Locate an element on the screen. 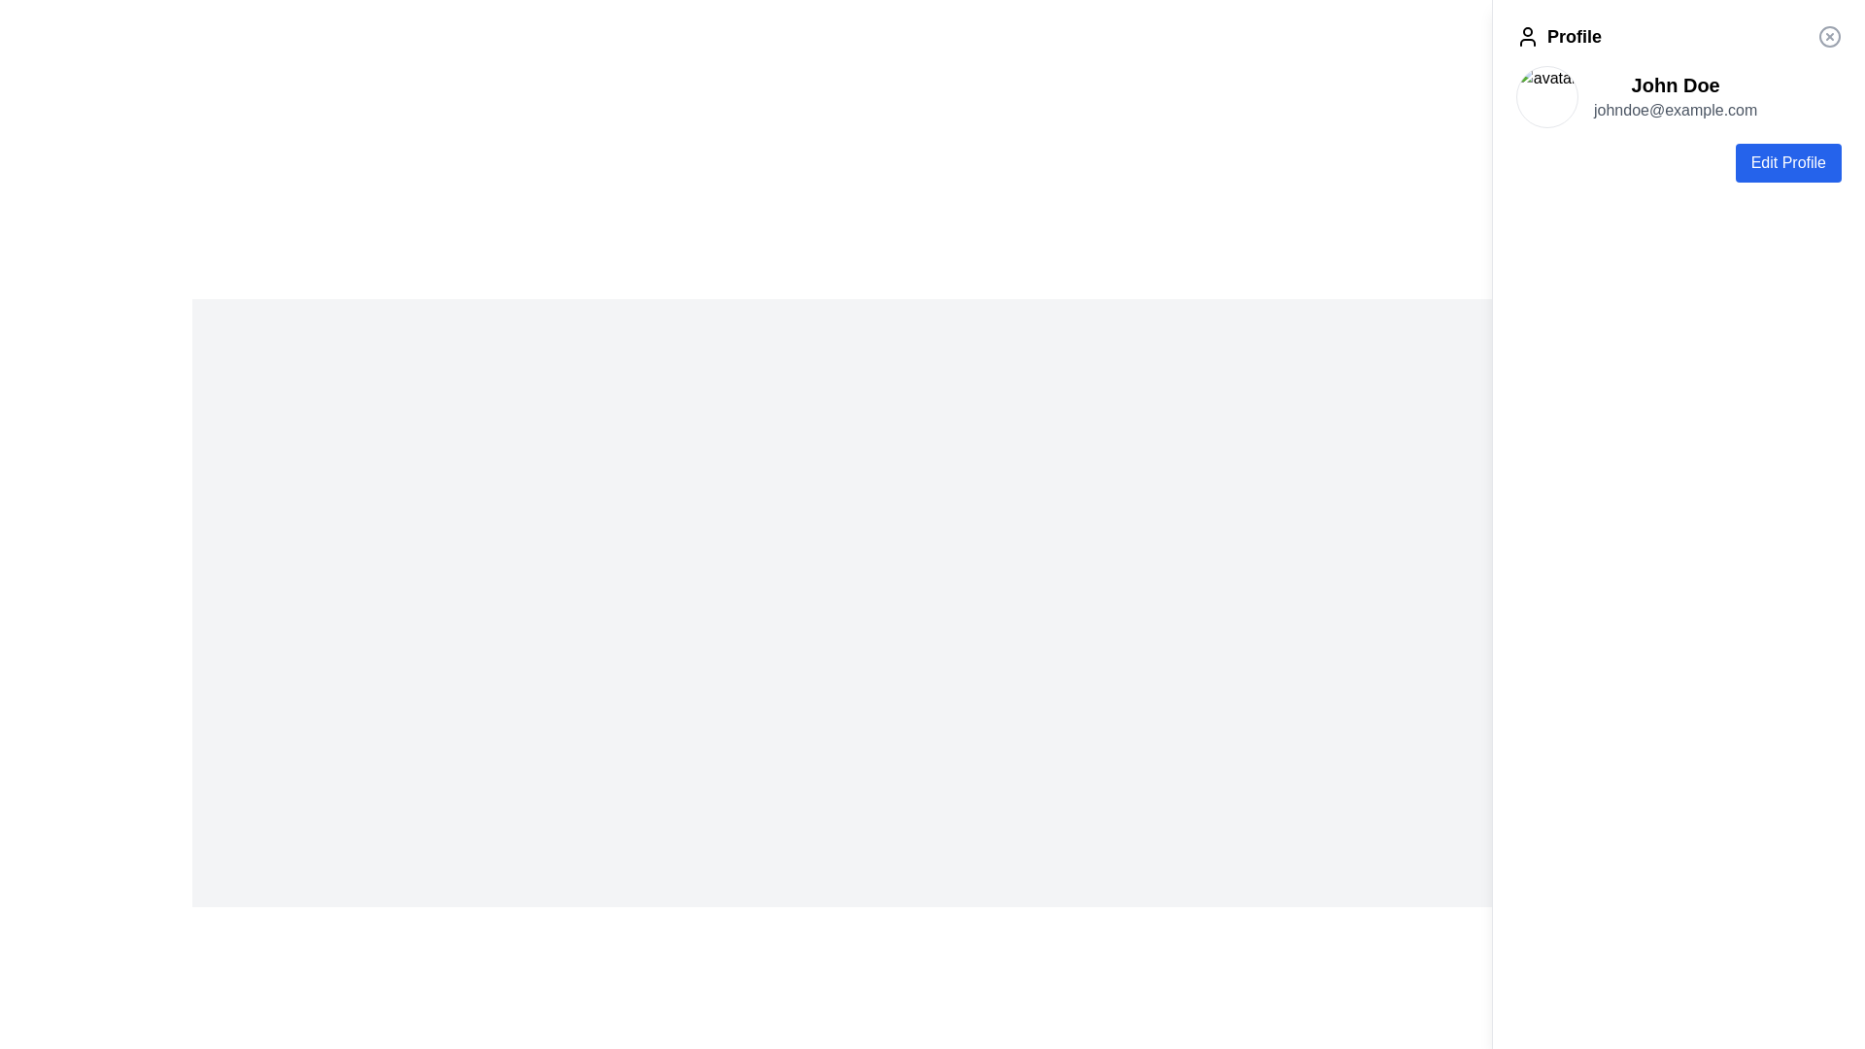  text label displaying 'John Doe' located at the top-right panel of the interface, which is bold and larger in font, positioned above the email address is located at coordinates (1675, 85).